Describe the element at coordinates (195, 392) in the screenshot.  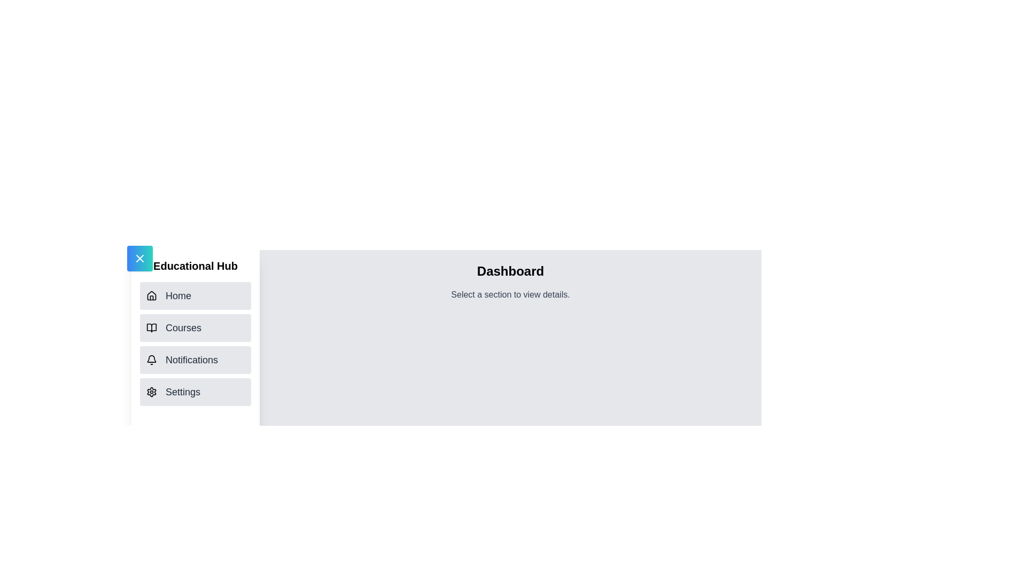
I see `the section Settings from the navigation list` at that location.